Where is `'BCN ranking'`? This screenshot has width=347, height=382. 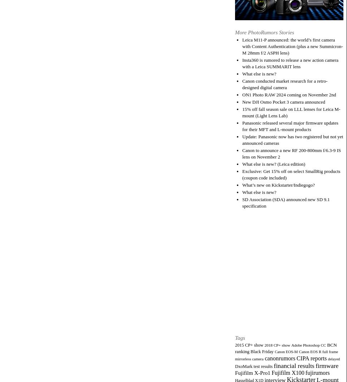 'BCN ranking' is located at coordinates (285, 348).